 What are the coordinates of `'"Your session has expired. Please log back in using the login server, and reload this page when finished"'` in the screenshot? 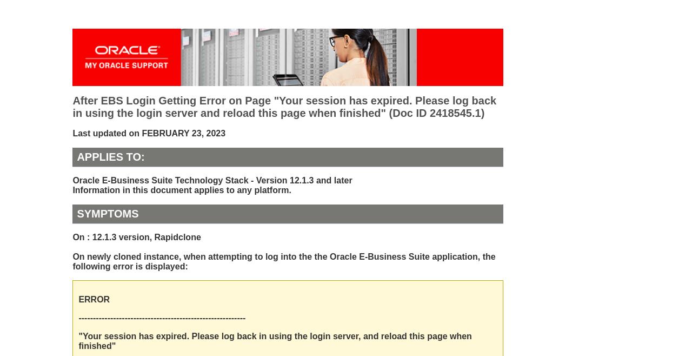 It's located at (275, 341).